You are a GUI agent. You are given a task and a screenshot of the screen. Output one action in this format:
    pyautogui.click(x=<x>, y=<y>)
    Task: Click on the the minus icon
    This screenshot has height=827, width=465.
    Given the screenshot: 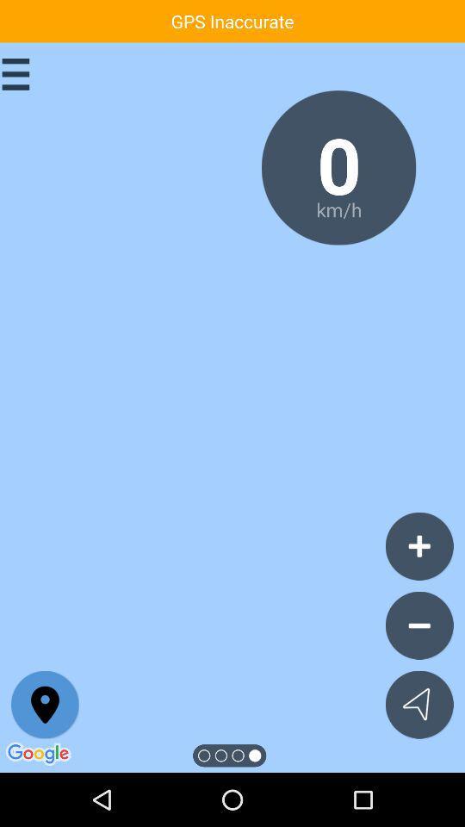 What is the action you would take?
    pyautogui.click(x=418, y=625)
    